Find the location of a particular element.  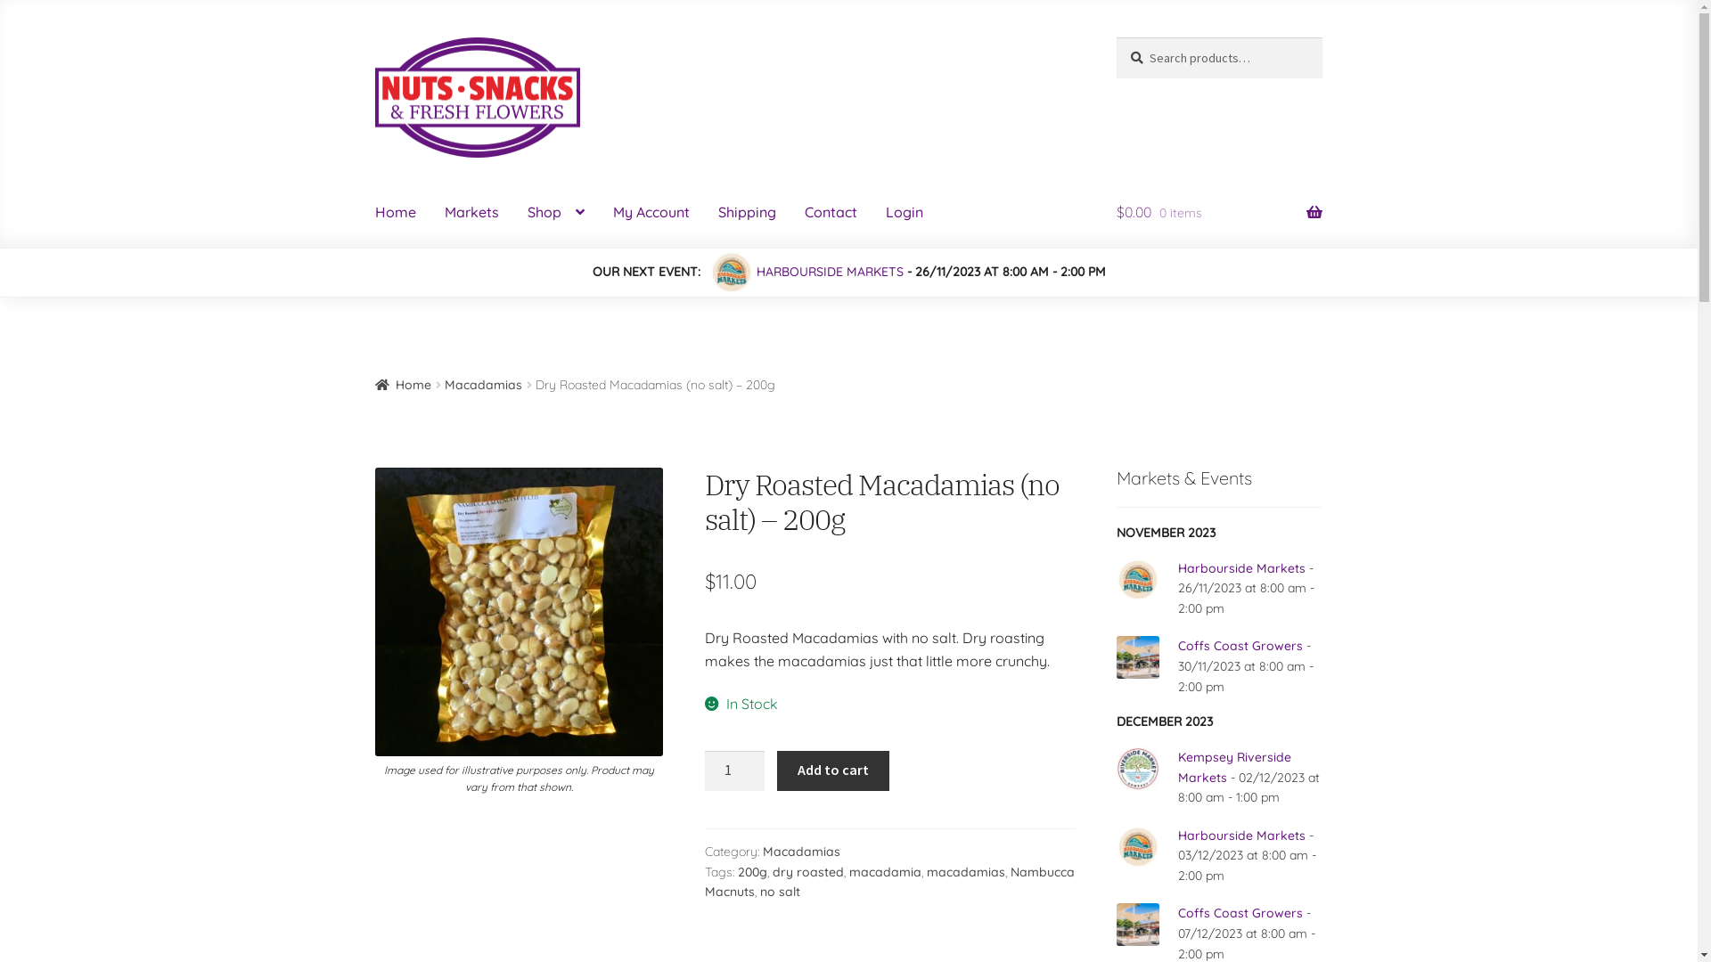

'Kempsey Riverside Markets 4' is located at coordinates (1136, 768).